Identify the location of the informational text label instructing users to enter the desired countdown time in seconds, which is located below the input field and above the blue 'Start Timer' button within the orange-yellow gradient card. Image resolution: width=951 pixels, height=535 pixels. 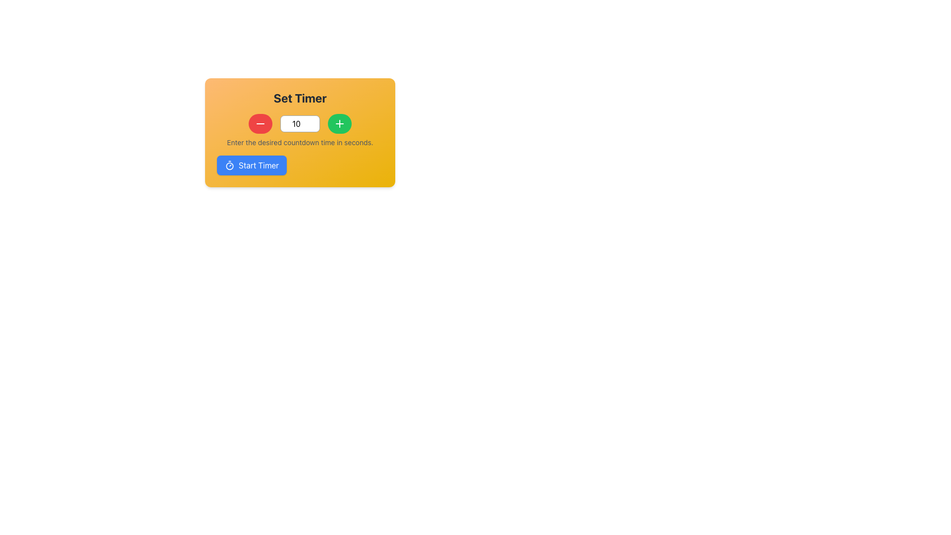
(299, 143).